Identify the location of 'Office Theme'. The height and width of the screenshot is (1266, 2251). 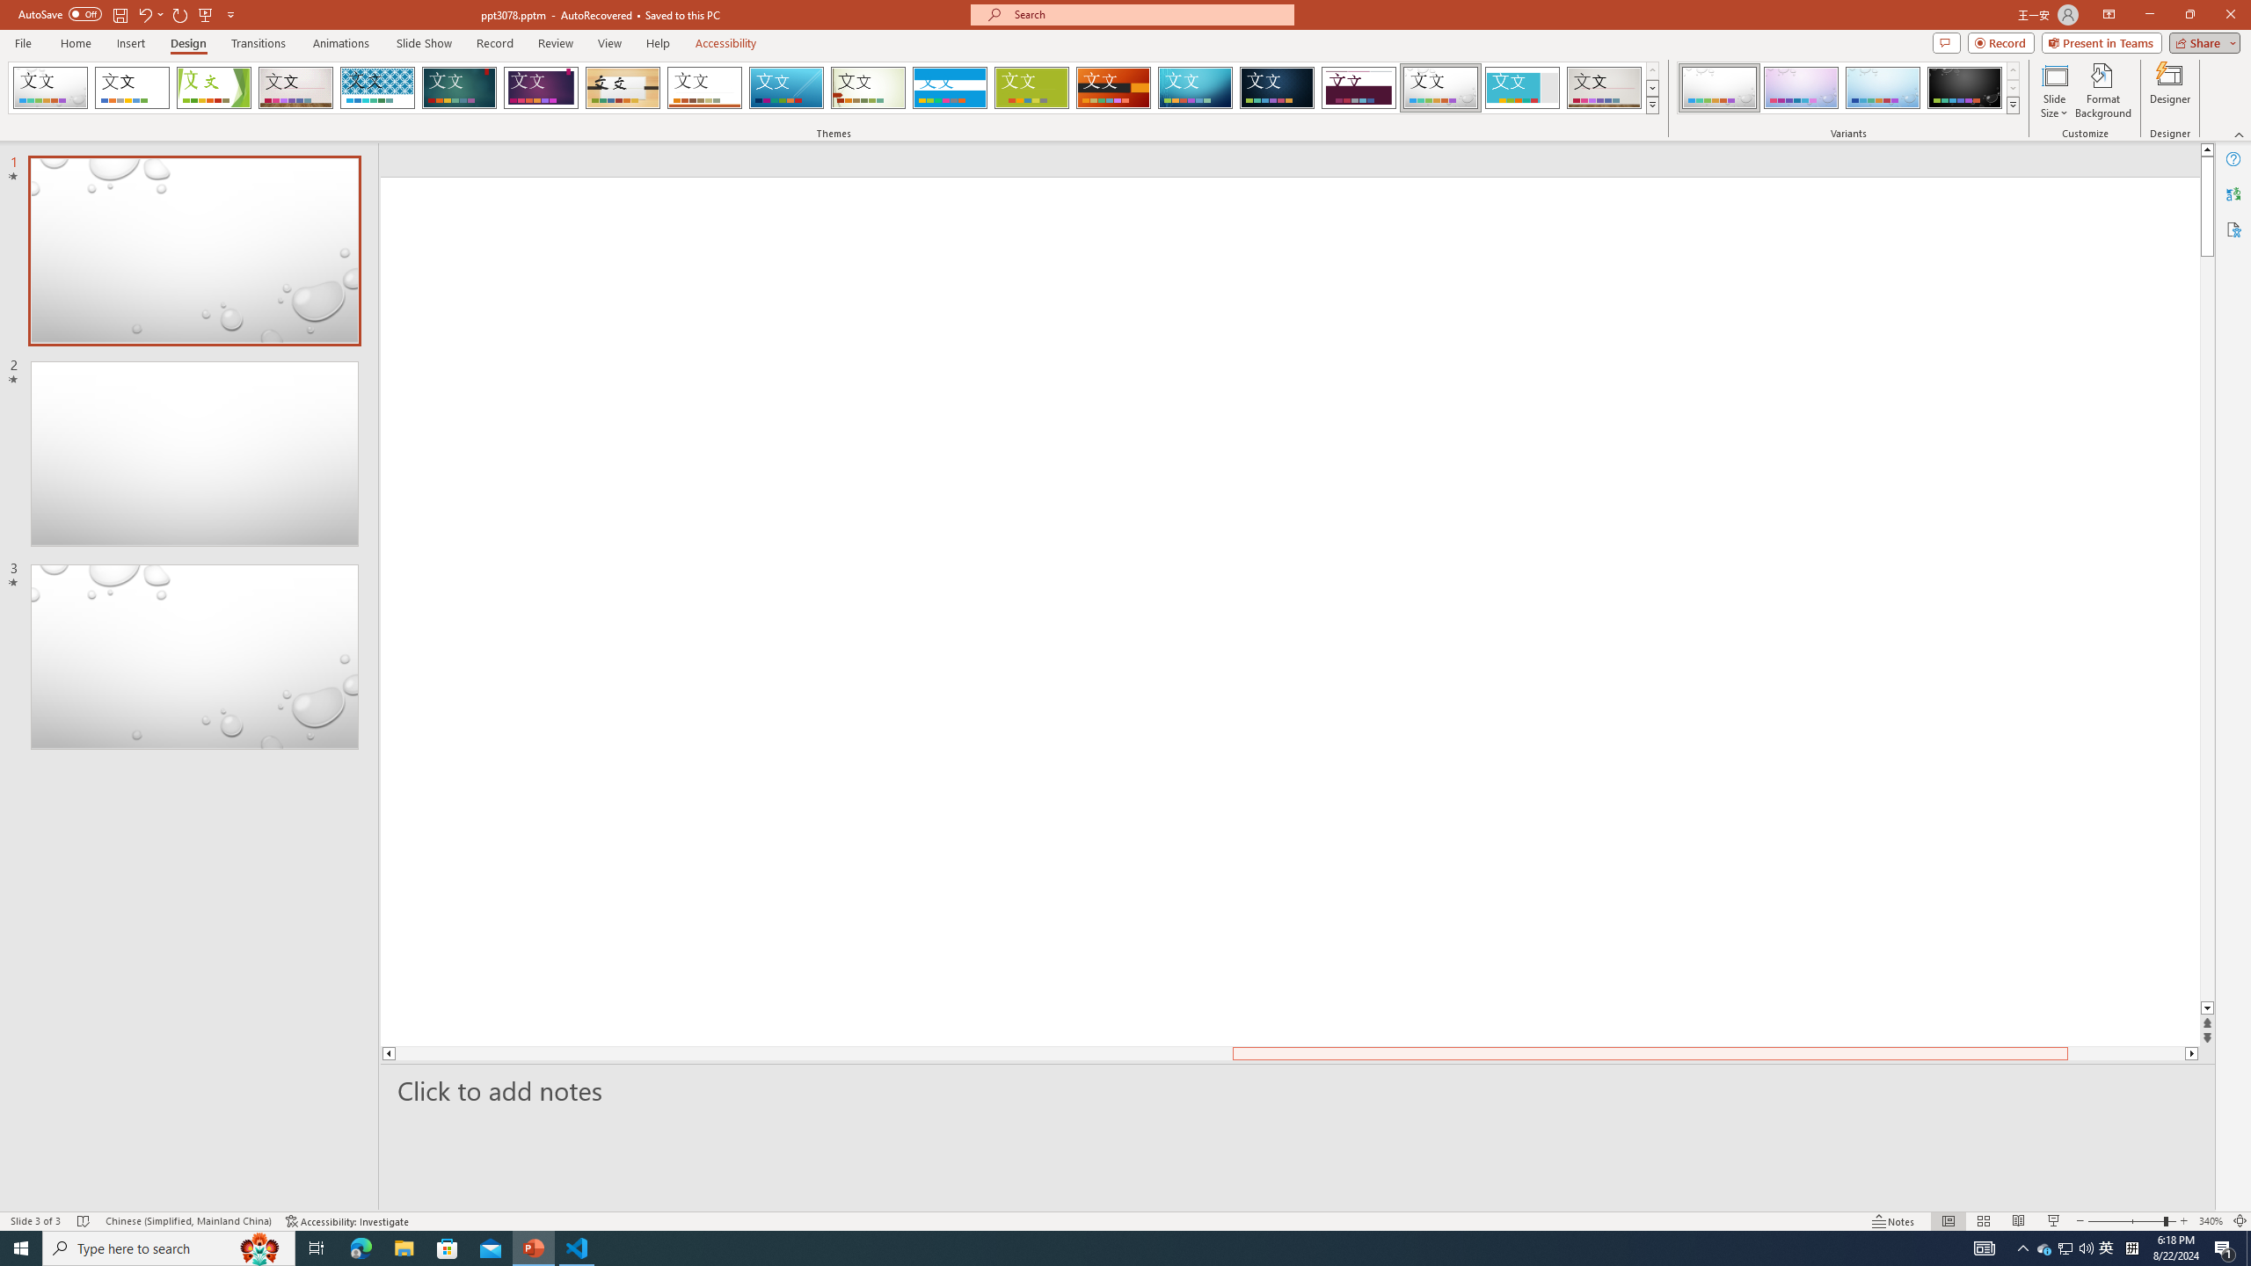
(132, 87).